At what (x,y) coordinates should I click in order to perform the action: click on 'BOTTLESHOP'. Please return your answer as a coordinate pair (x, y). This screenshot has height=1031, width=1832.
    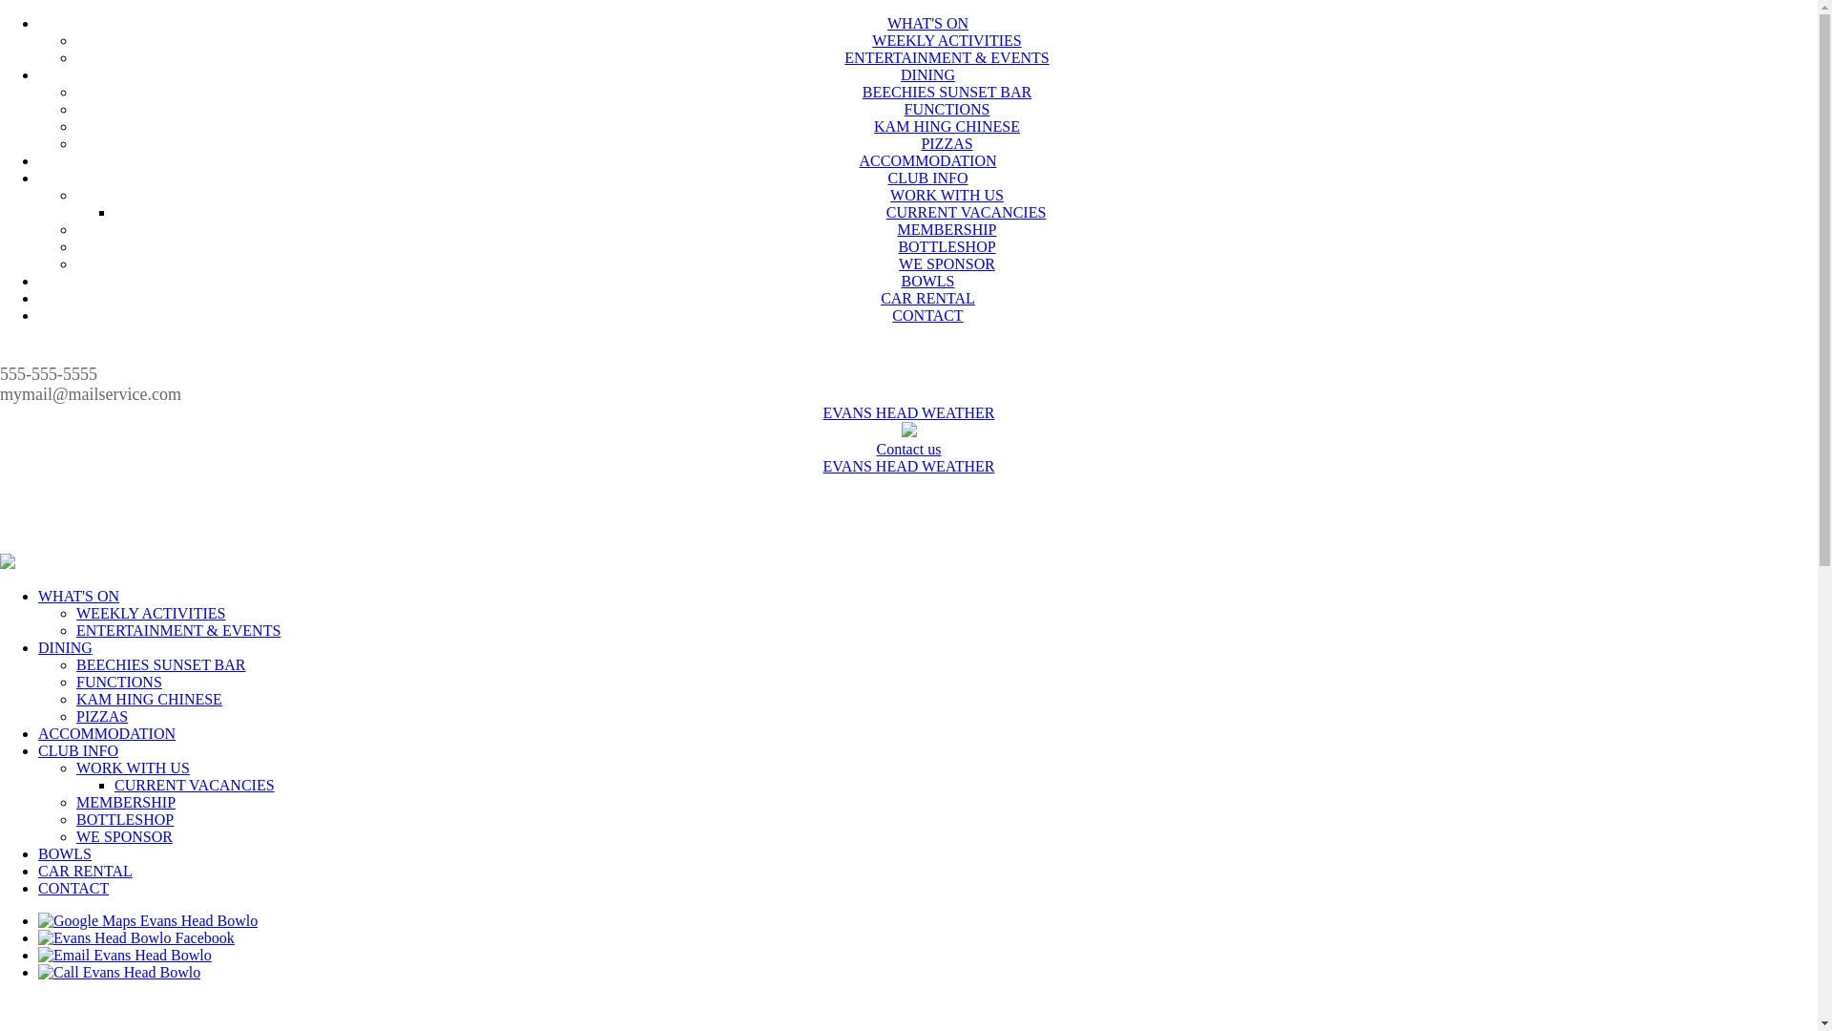
    Looking at the image, I should click on (947, 245).